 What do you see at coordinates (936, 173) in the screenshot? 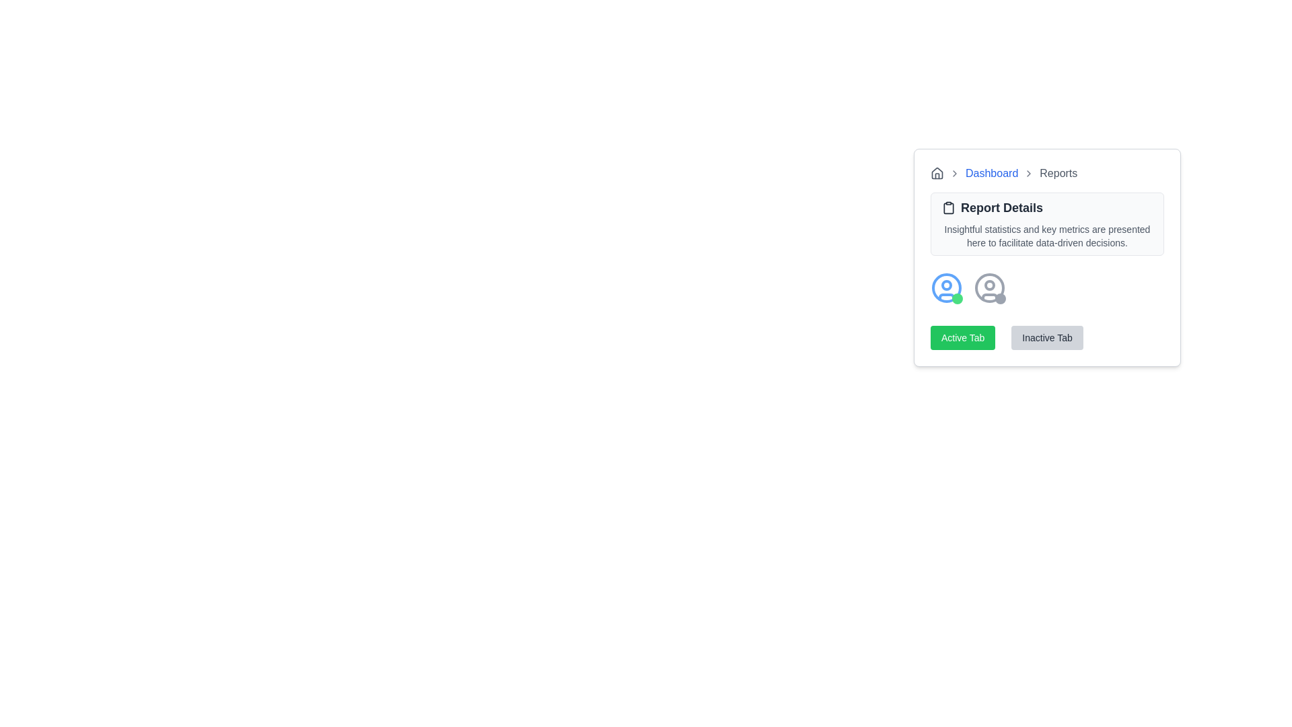
I see `the SVG icon representing the starting point or home location in the breadcrumb navigation, which is located at the top left of the breadcrumb component` at bounding box center [936, 173].